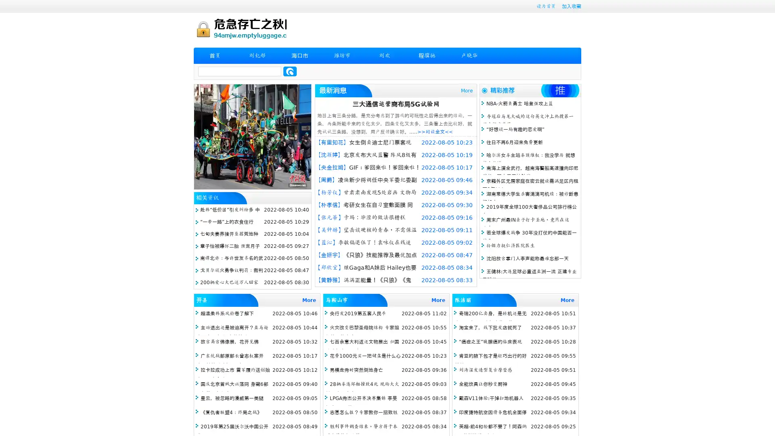 The image size is (775, 436). I want to click on Search, so click(290, 71).